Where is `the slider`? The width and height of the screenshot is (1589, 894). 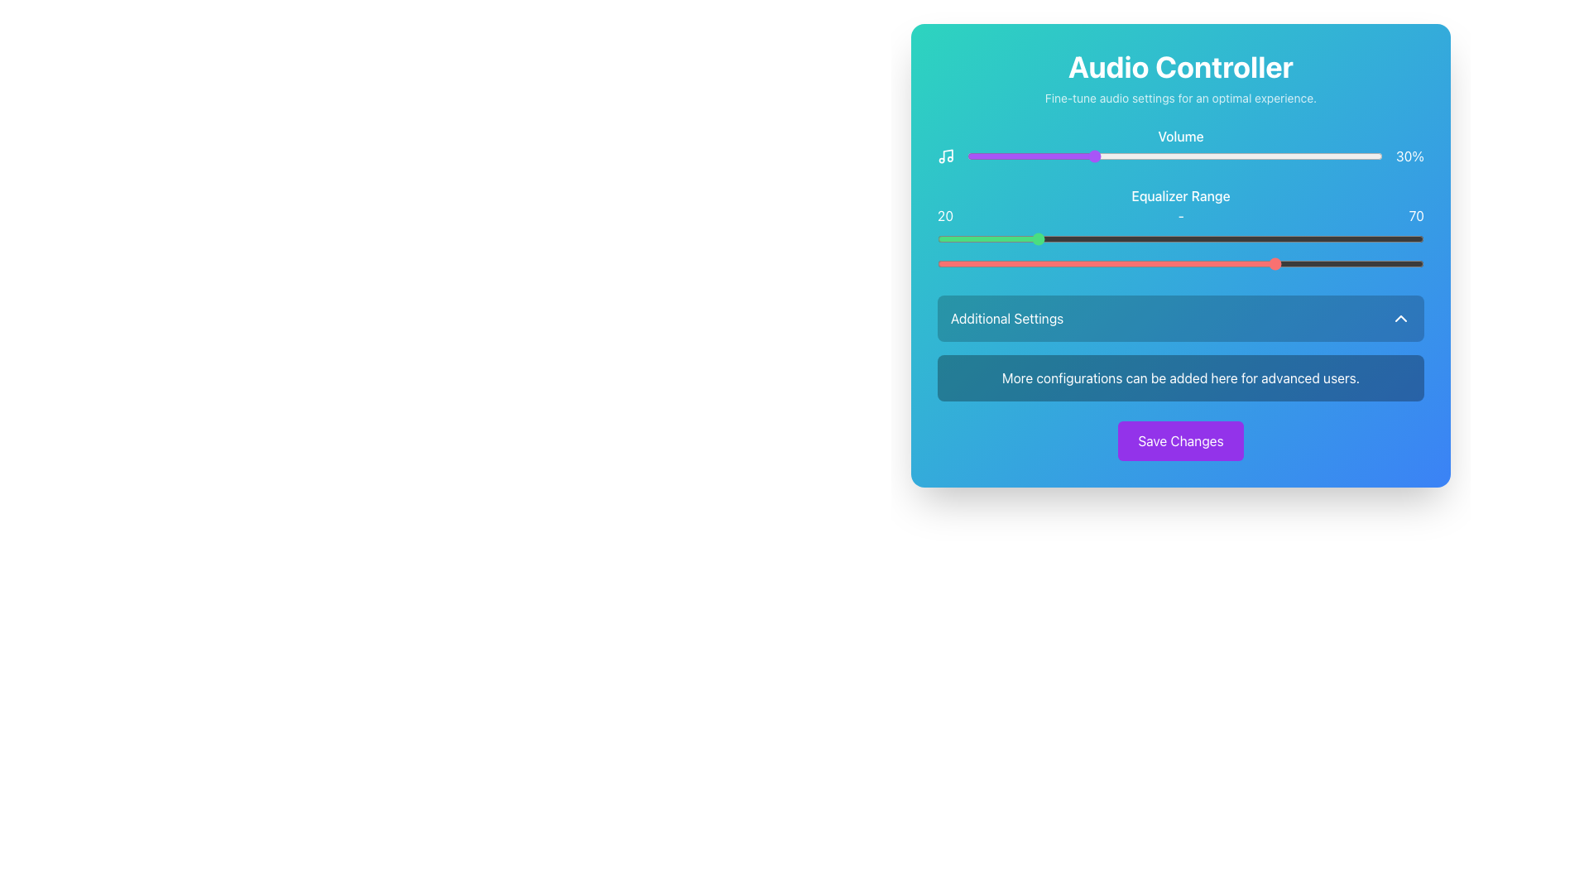 the slider is located at coordinates (980, 156).